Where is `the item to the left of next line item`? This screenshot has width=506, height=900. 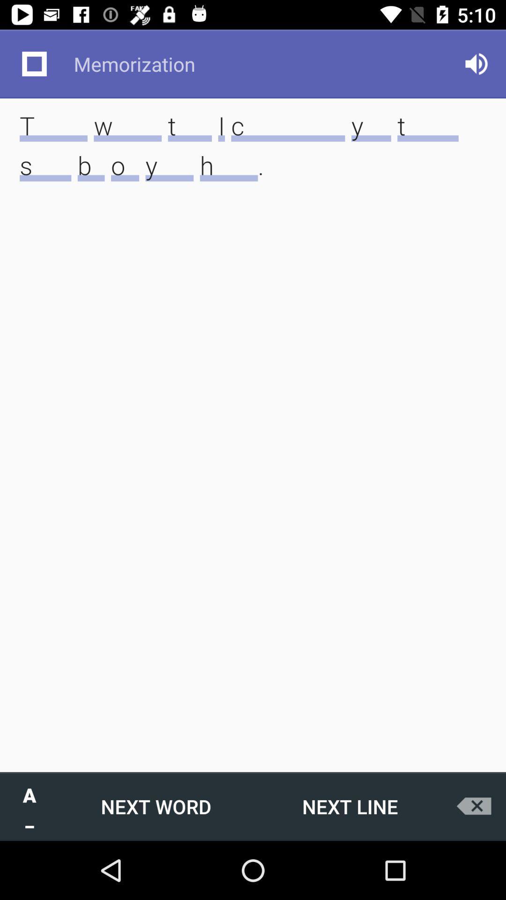 the item to the left of next line item is located at coordinates (155, 806).